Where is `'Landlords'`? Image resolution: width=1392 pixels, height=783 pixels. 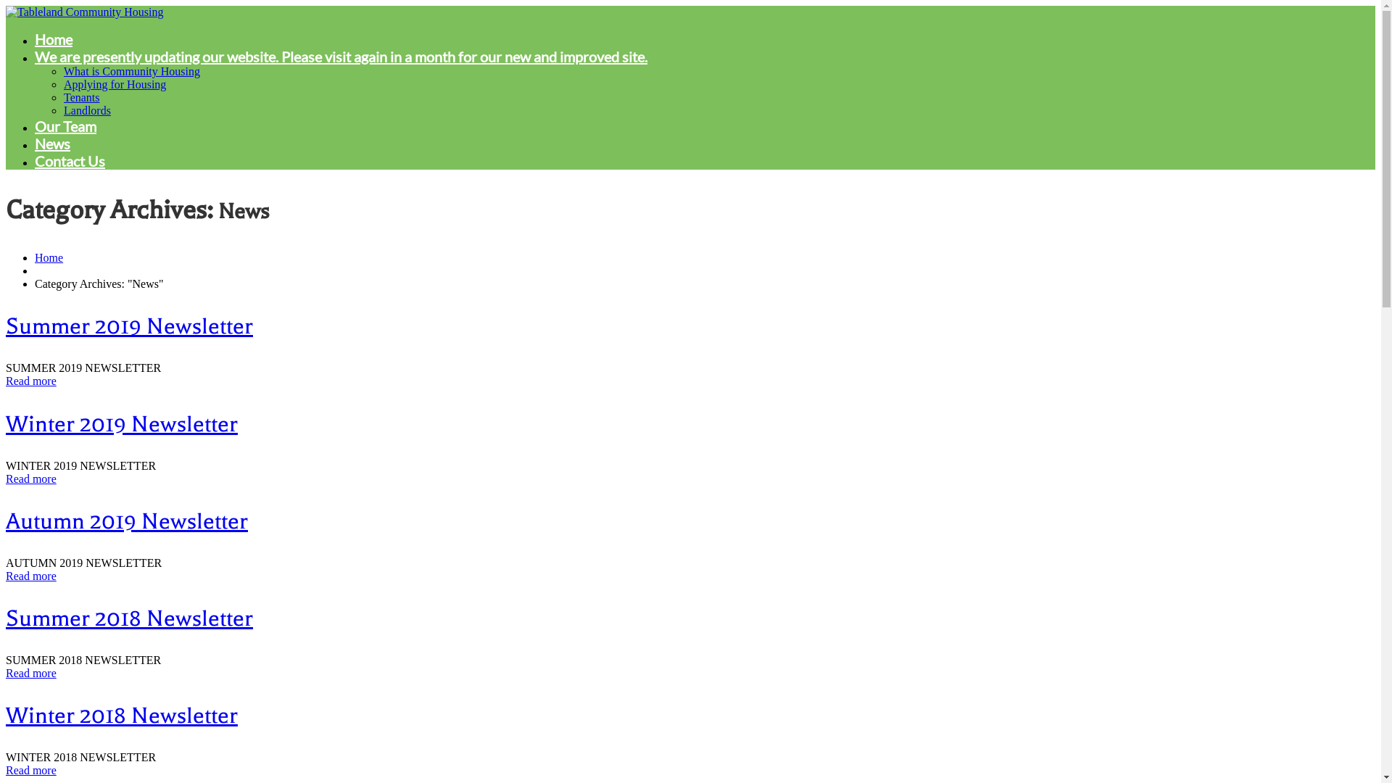 'Landlords' is located at coordinates (86, 109).